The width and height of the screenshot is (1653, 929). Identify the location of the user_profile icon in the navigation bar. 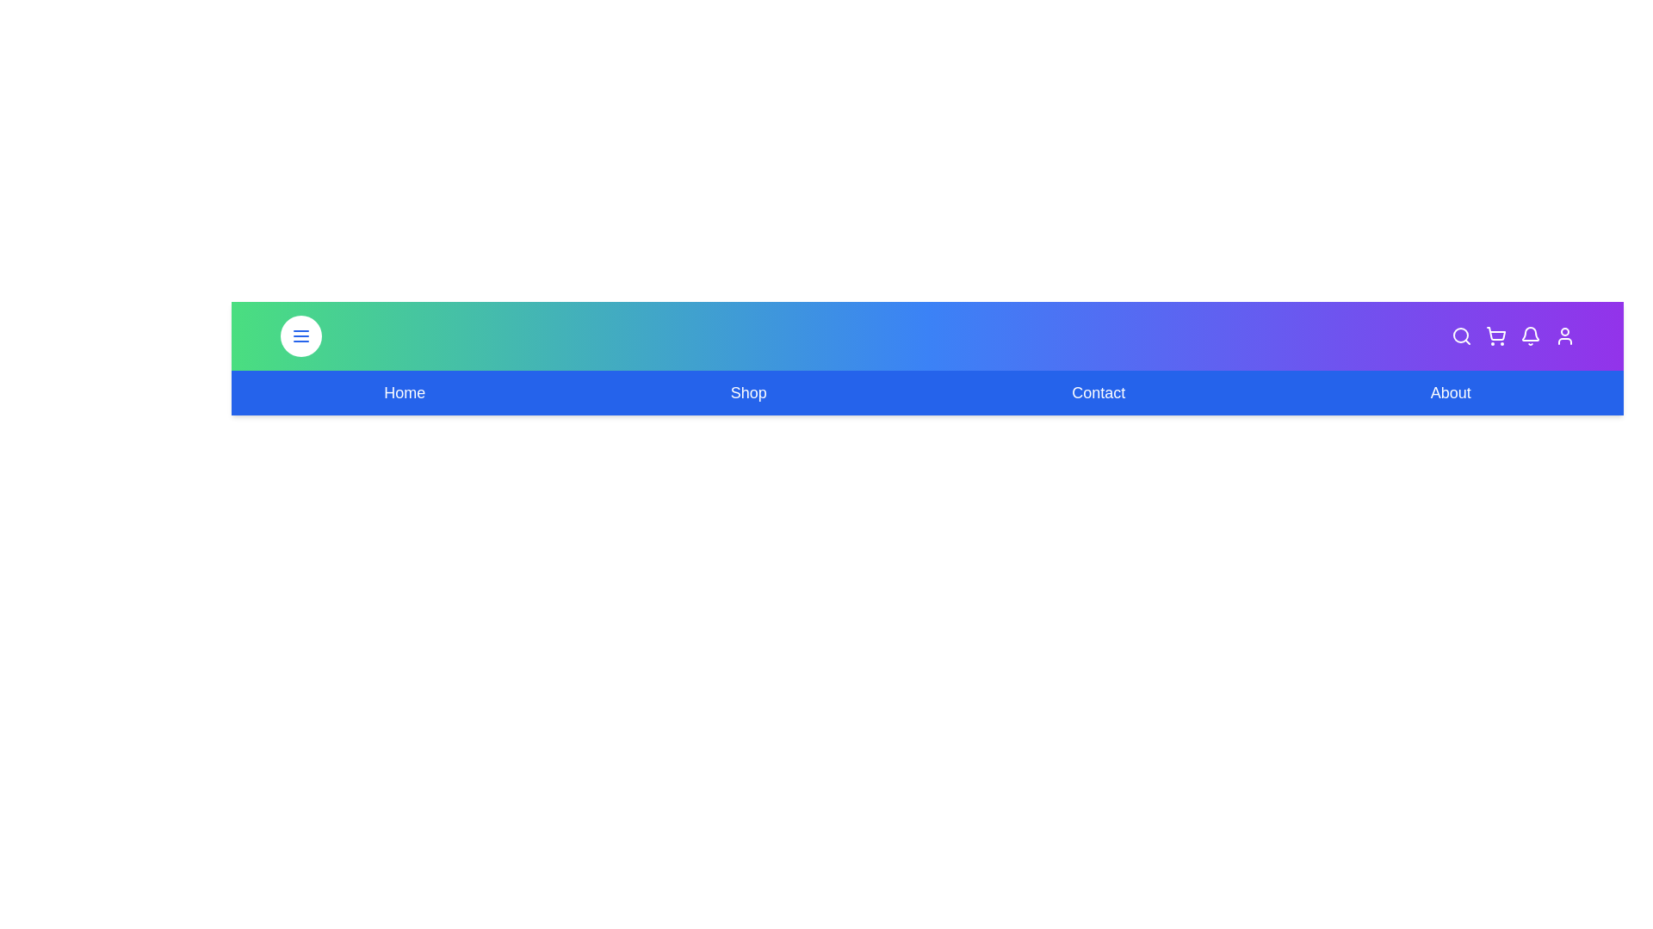
(1564, 335).